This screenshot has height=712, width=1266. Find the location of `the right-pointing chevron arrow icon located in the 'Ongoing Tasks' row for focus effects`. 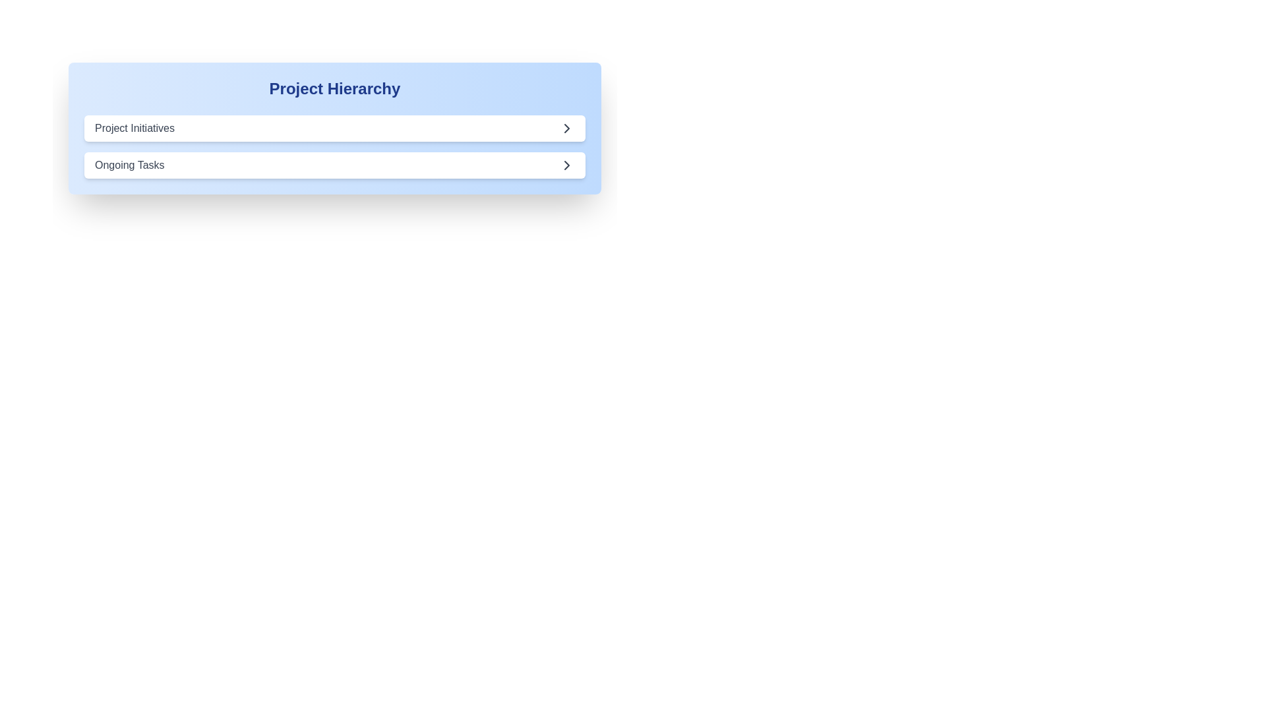

the right-pointing chevron arrow icon located in the 'Ongoing Tasks' row for focus effects is located at coordinates (566, 164).